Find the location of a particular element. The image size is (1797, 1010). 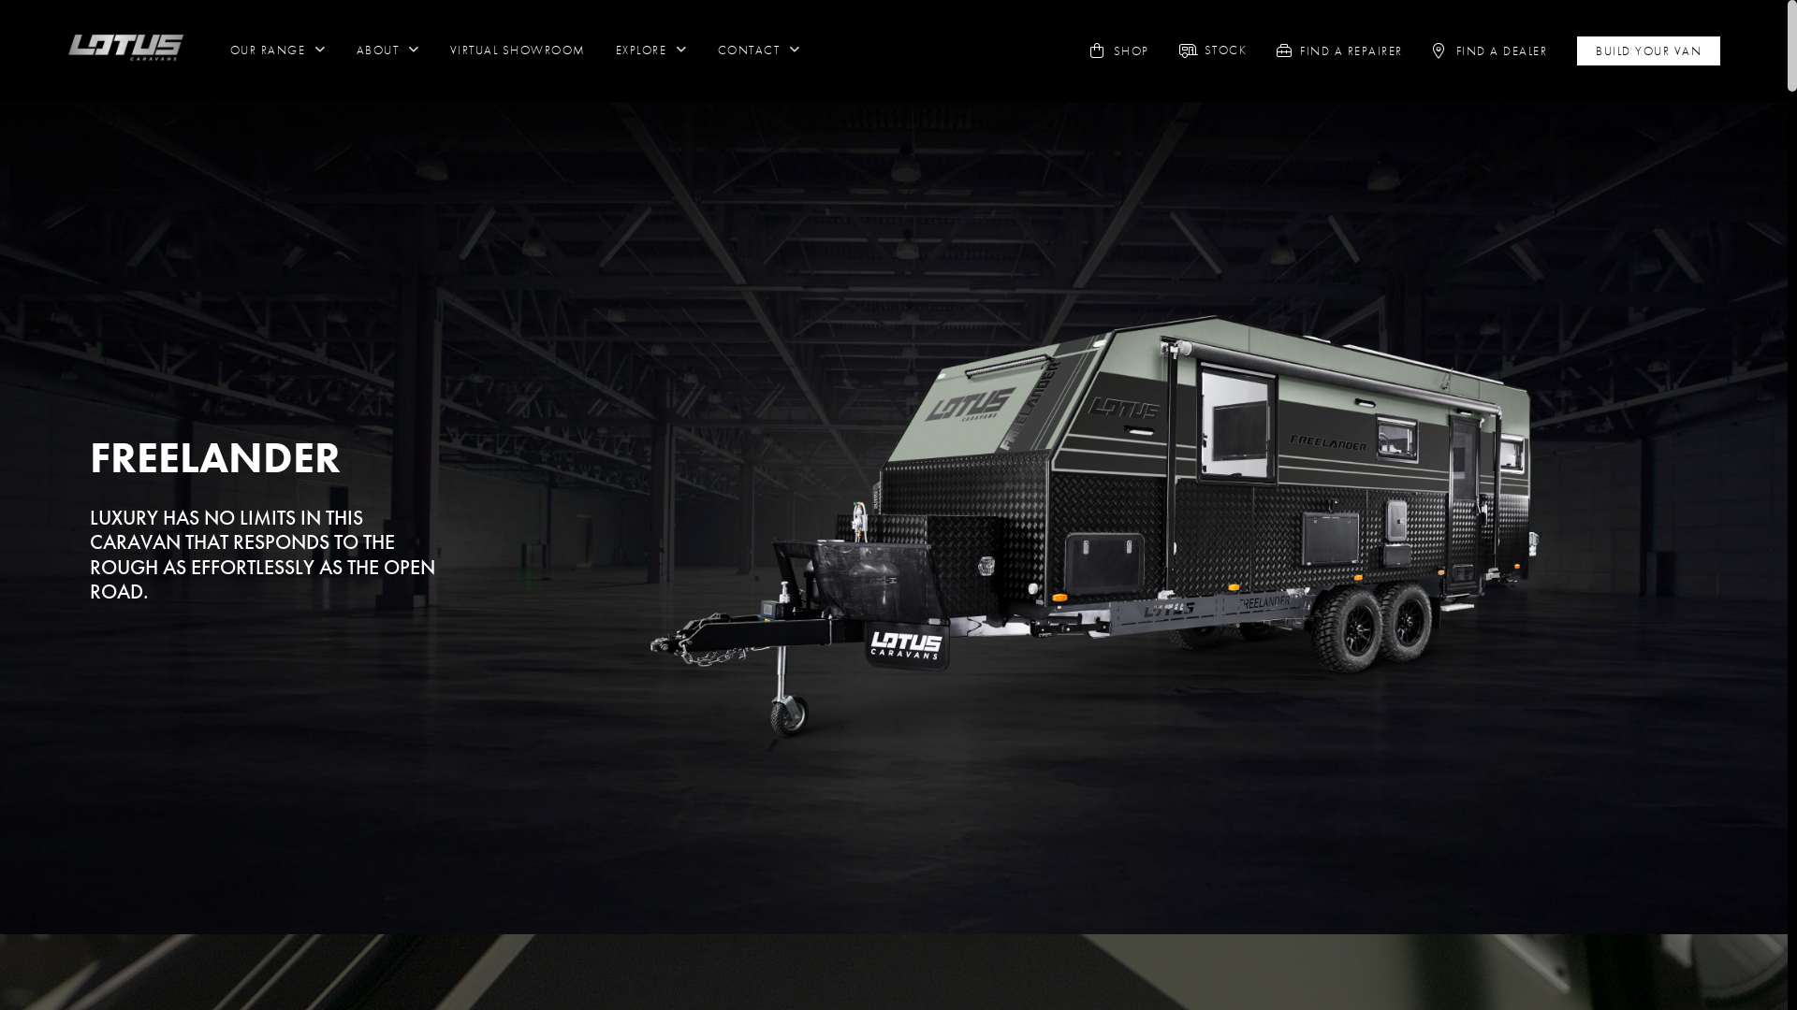

'VIRTUAL SHOWROOM' is located at coordinates (449, 50).